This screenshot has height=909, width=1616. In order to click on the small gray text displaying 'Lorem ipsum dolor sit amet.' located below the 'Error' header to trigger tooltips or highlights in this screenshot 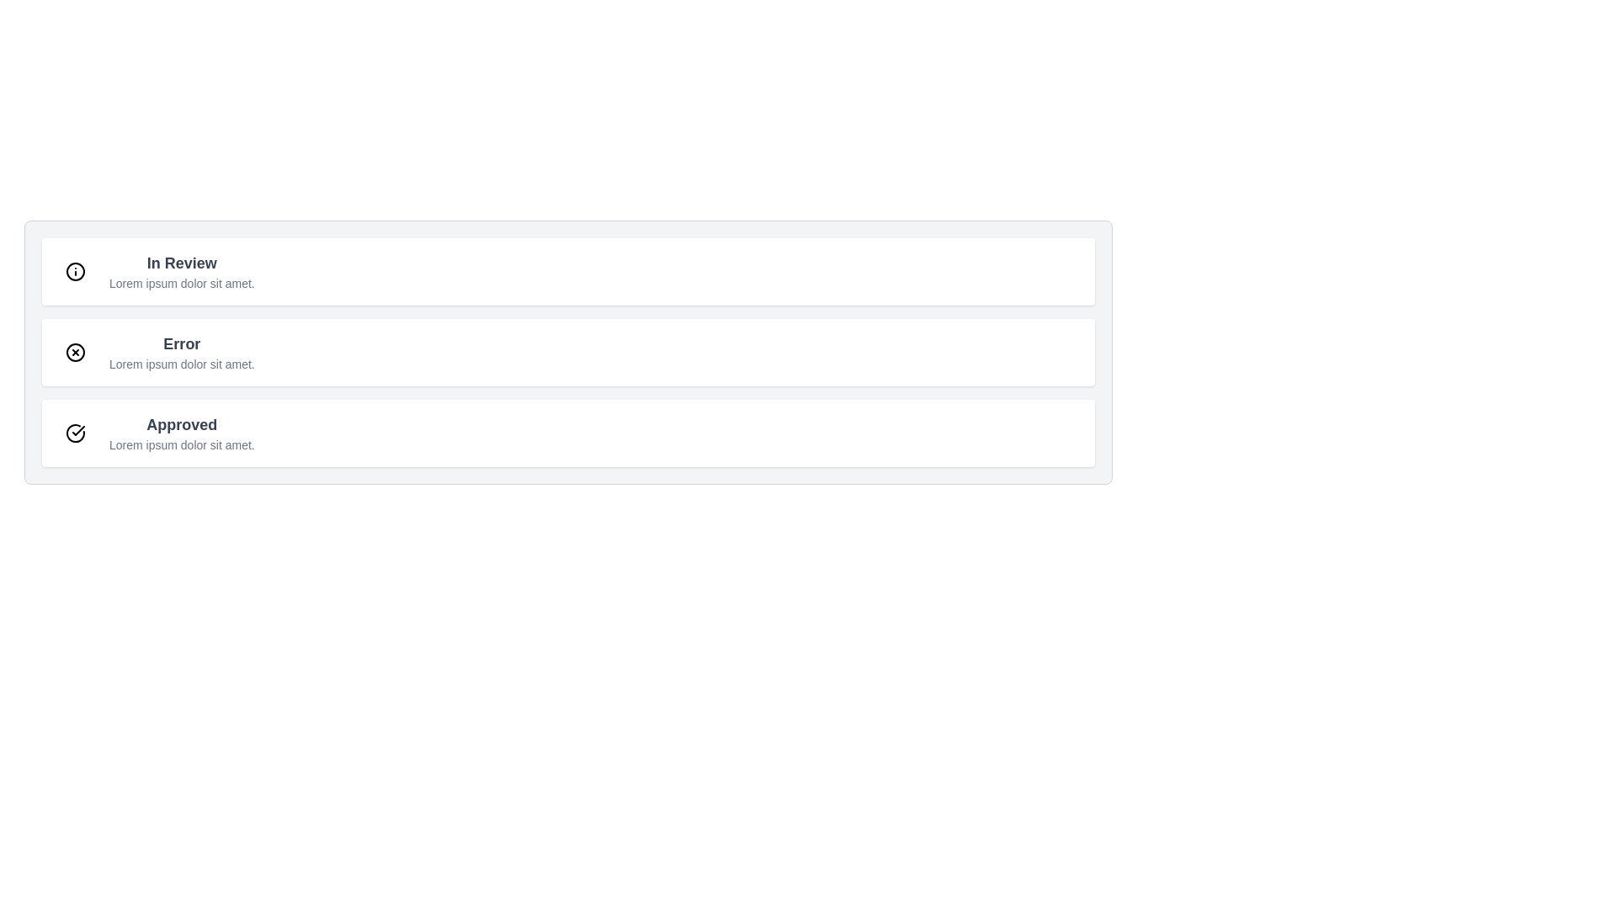, I will do `click(182, 363)`.